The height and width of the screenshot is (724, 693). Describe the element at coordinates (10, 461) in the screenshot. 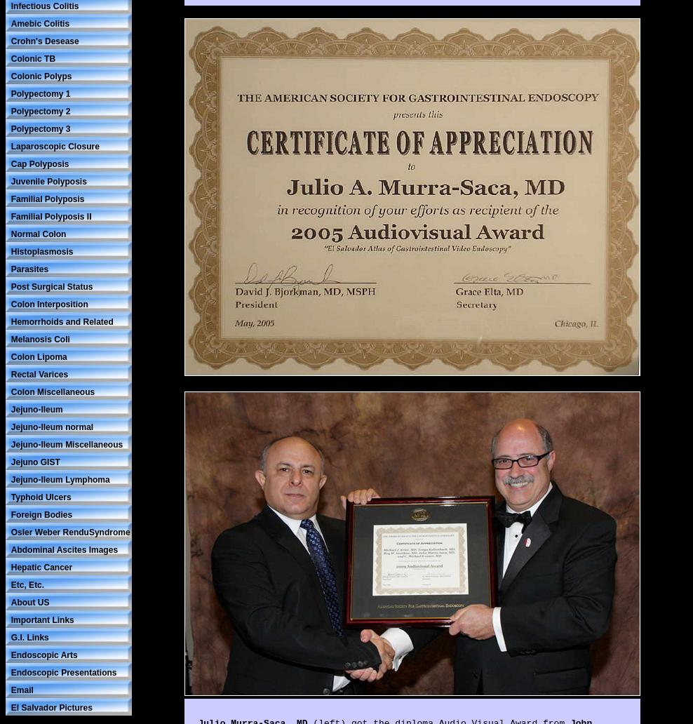

I see `'Jejuno GIST'` at that location.